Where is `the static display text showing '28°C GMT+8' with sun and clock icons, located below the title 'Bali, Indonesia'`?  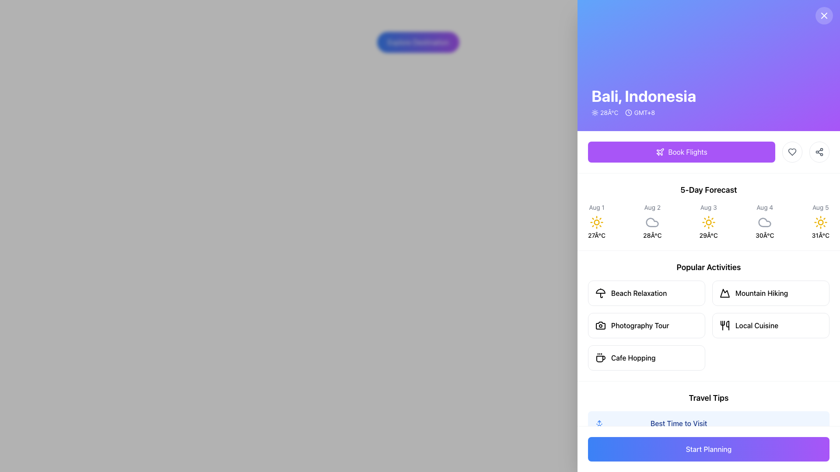 the static display text showing '28°C GMT+8' with sun and clock icons, located below the title 'Bali, Indonesia' is located at coordinates (644, 112).